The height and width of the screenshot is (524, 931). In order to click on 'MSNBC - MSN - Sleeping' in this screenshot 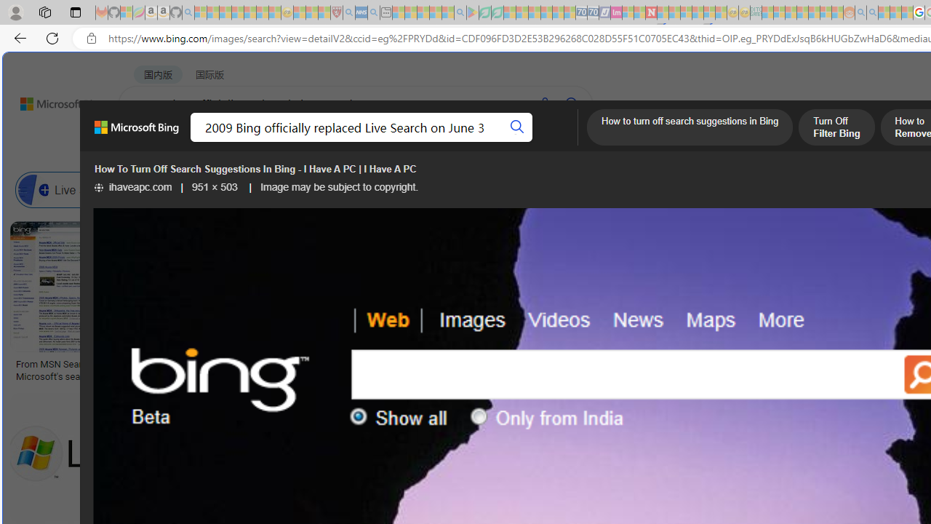, I will do `click(767, 12)`.